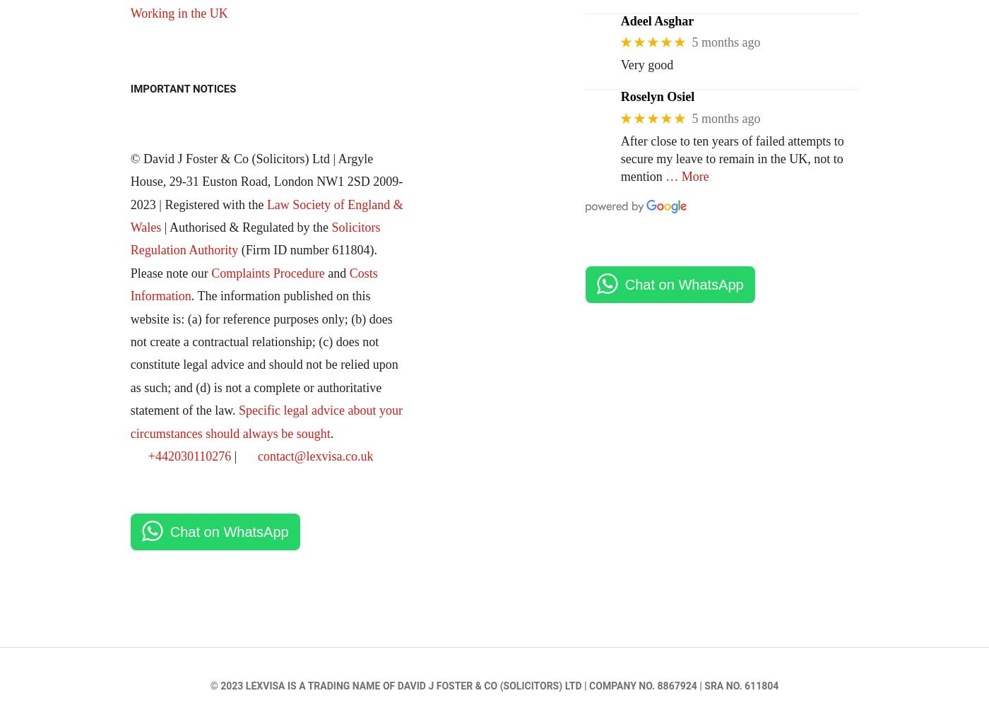 The width and height of the screenshot is (989, 722). What do you see at coordinates (657, 20) in the screenshot?
I see `'Adeel Asghar'` at bounding box center [657, 20].